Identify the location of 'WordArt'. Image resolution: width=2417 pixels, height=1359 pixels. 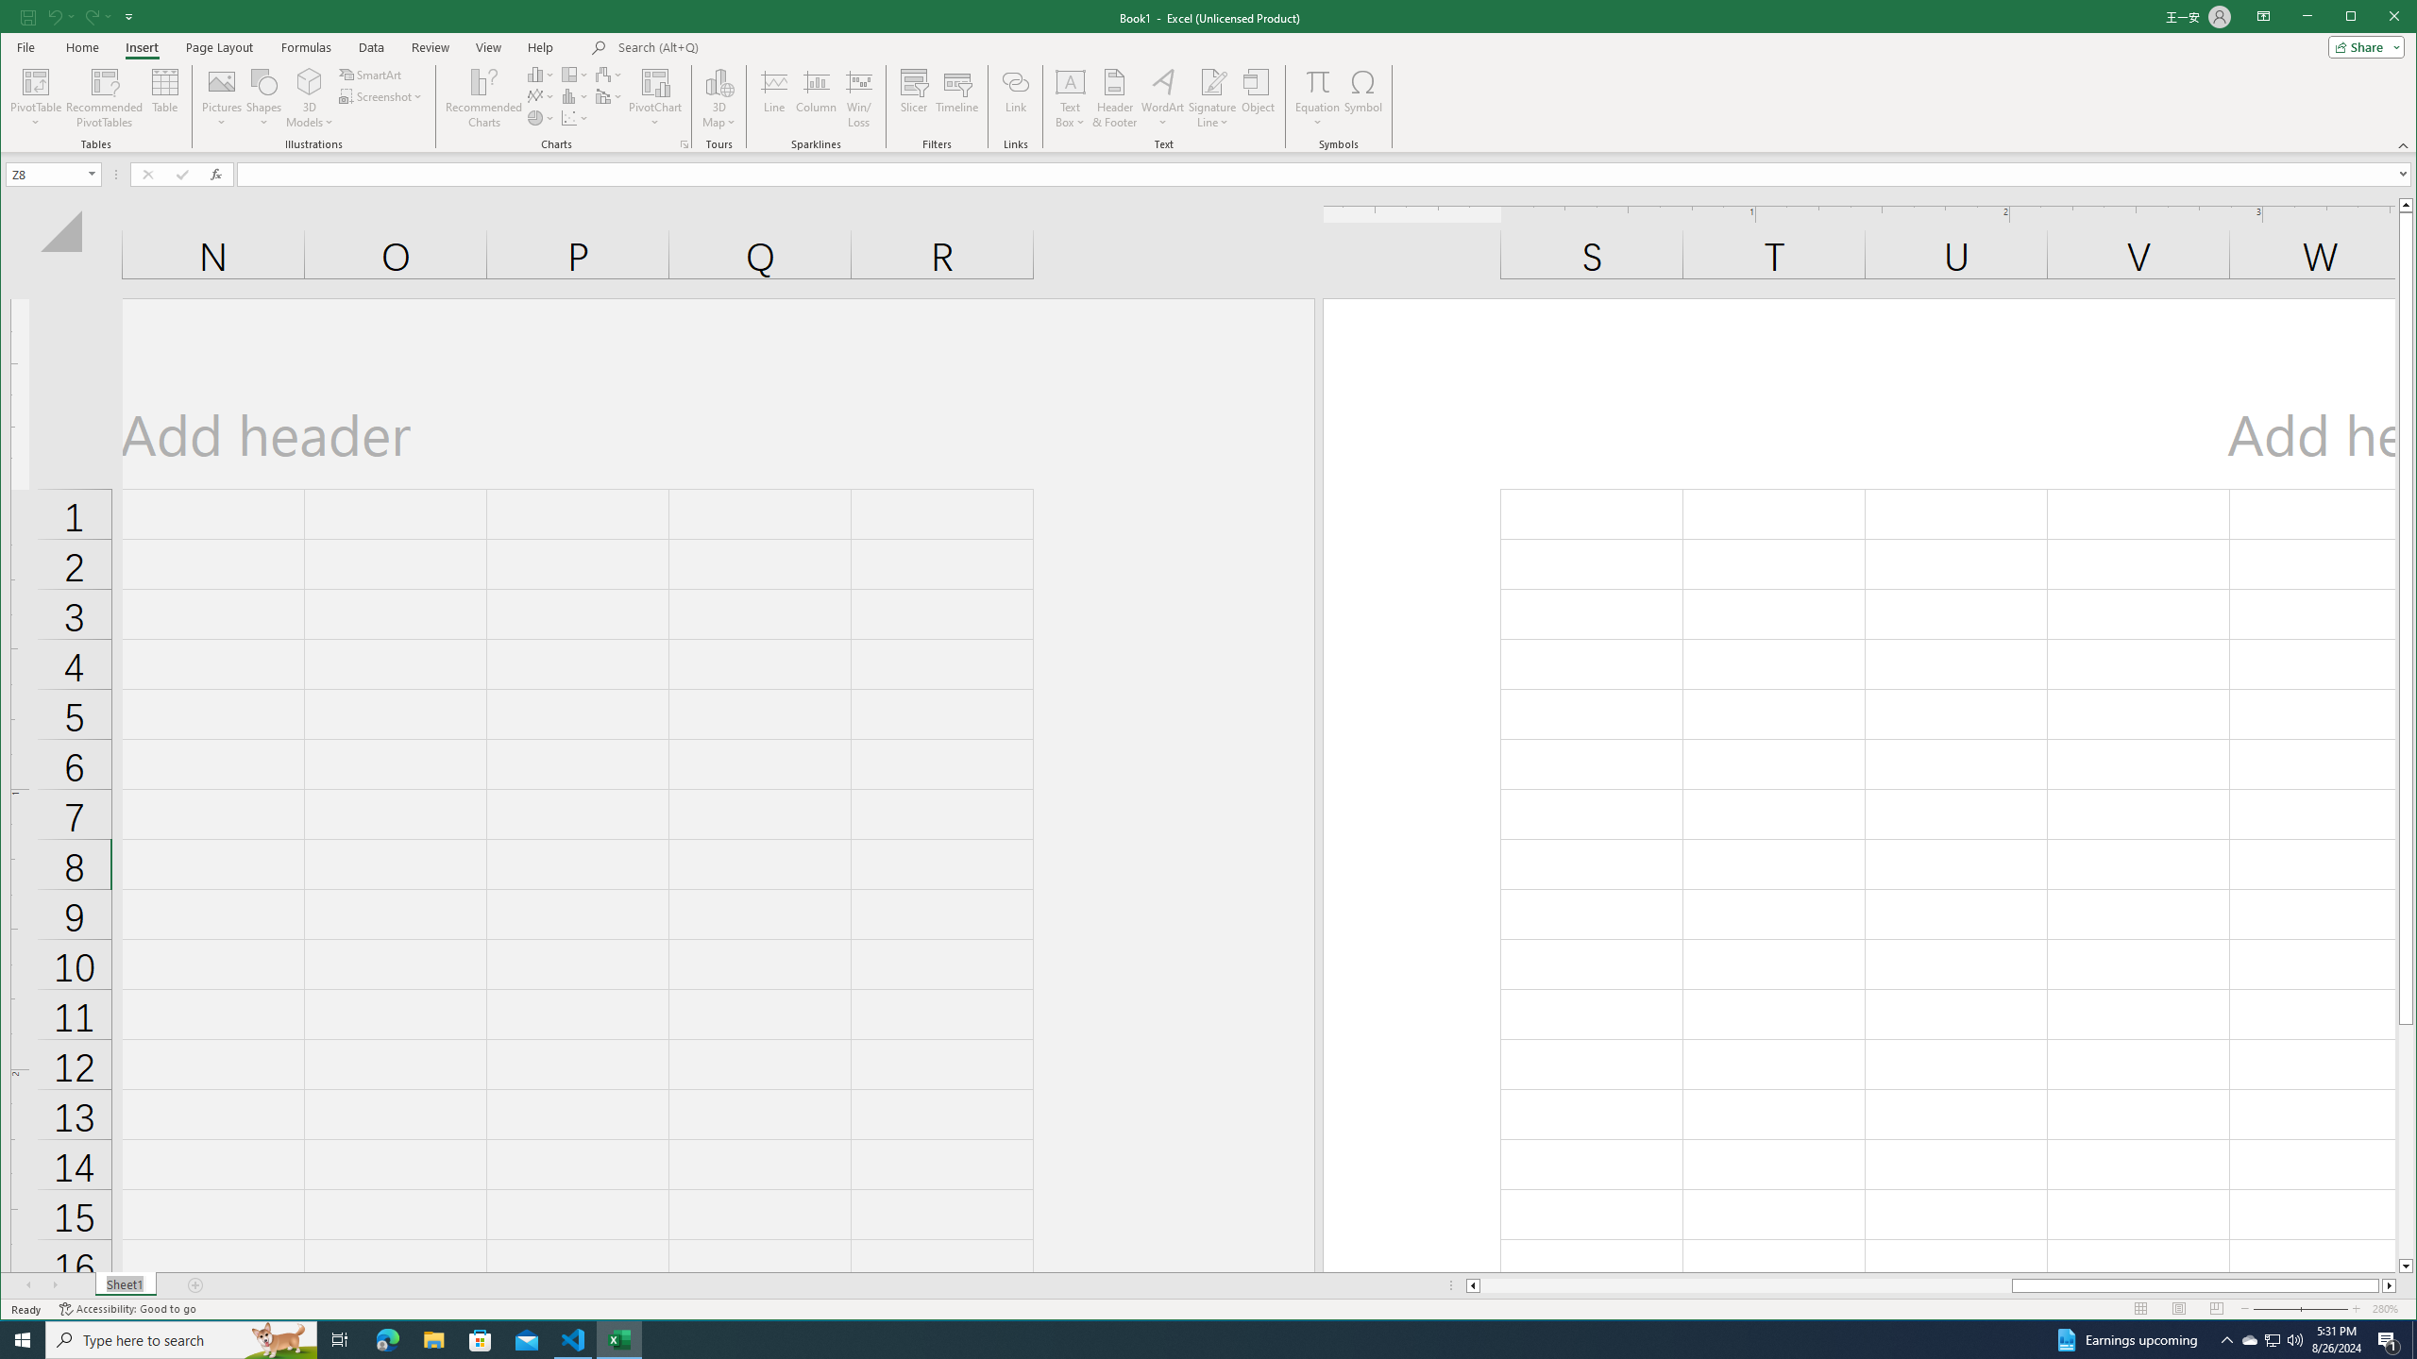
(1162, 97).